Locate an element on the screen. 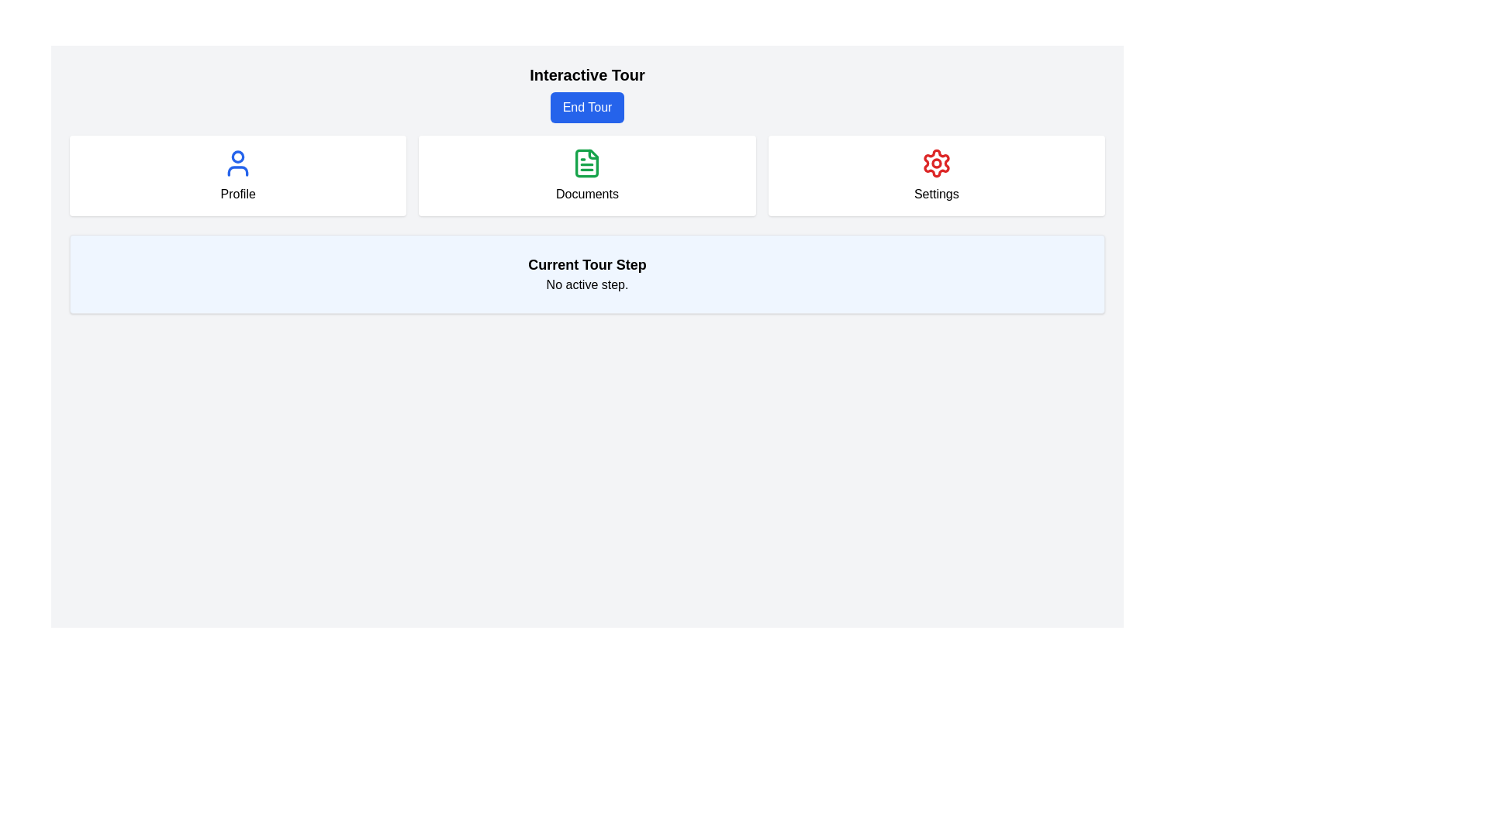 This screenshot has width=1489, height=837. the central part of the bold red gear icon within the settings card to interact with the settings functionality is located at coordinates (935, 164).